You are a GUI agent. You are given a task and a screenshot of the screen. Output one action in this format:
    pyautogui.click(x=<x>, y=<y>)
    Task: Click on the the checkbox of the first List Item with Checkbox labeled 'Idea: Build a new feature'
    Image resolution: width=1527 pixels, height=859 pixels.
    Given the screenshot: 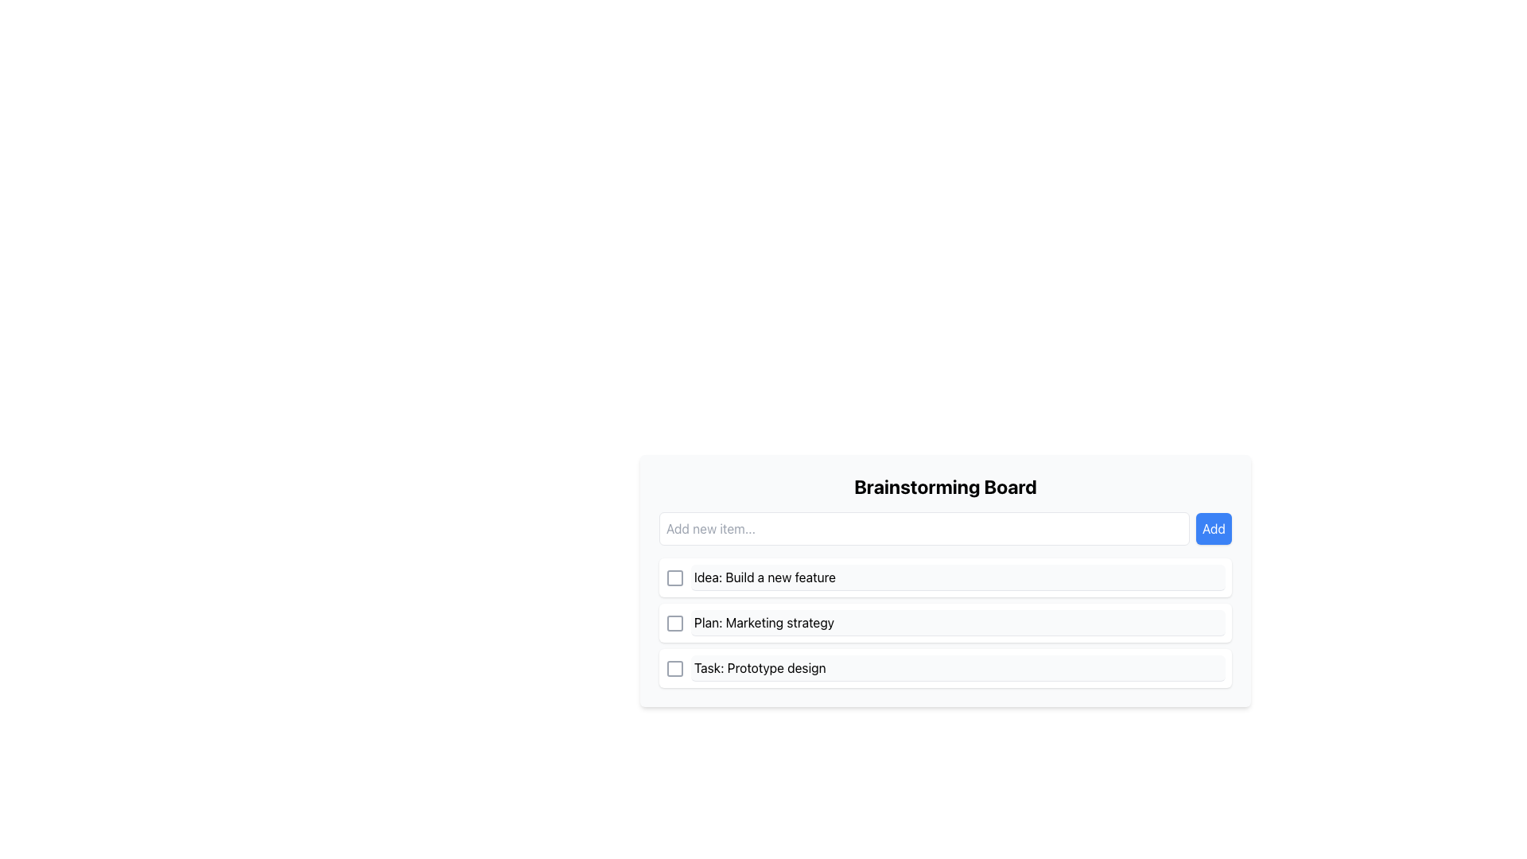 What is the action you would take?
    pyautogui.click(x=946, y=577)
    